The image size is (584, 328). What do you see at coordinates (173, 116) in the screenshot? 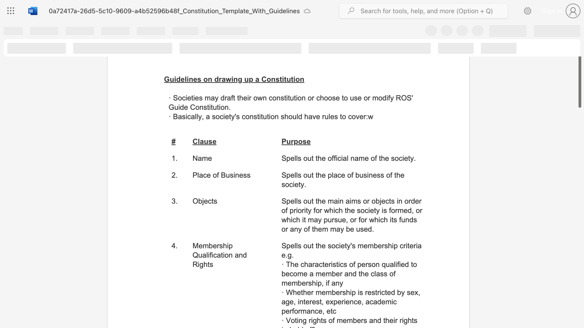
I see `the subset text "Ba" within the text "Basically, a"` at bounding box center [173, 116].